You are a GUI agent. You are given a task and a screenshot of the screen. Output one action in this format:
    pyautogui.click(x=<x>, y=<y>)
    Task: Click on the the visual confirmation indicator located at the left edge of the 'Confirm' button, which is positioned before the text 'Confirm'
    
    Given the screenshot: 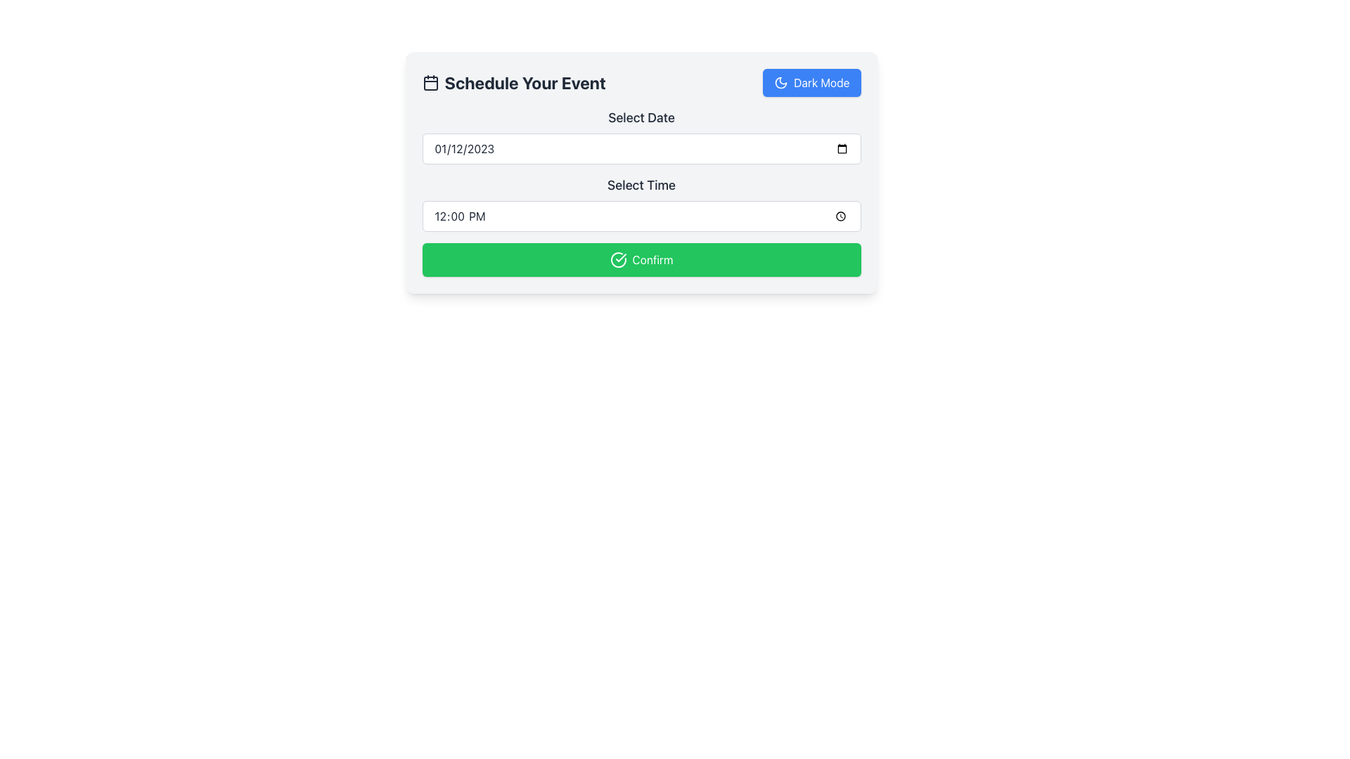 What is the action you would take?
    pyautogui.click(x=618, y=260)
    